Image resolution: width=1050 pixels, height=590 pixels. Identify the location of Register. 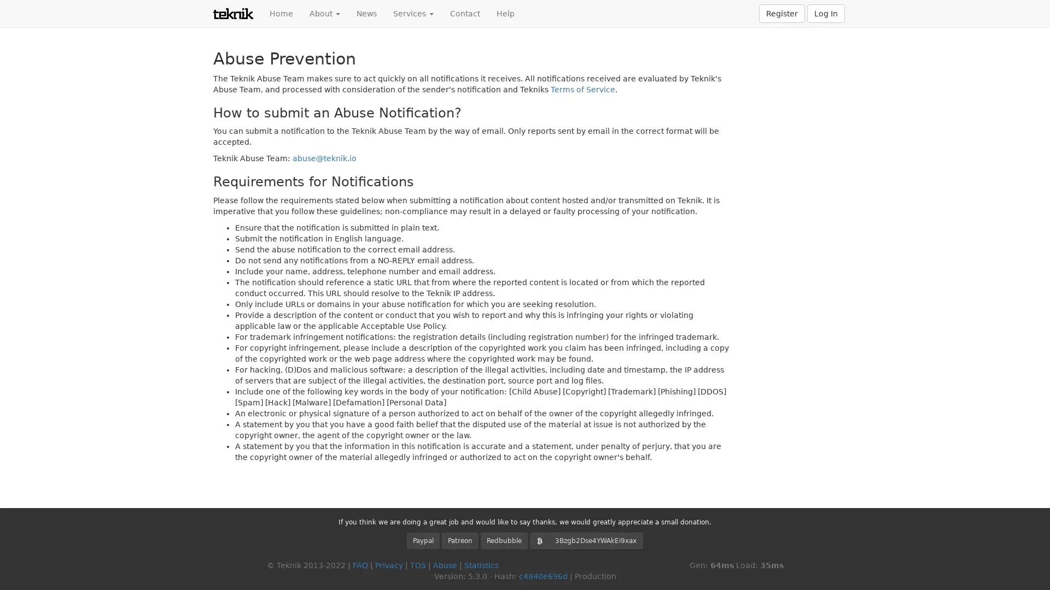
(781, 13).